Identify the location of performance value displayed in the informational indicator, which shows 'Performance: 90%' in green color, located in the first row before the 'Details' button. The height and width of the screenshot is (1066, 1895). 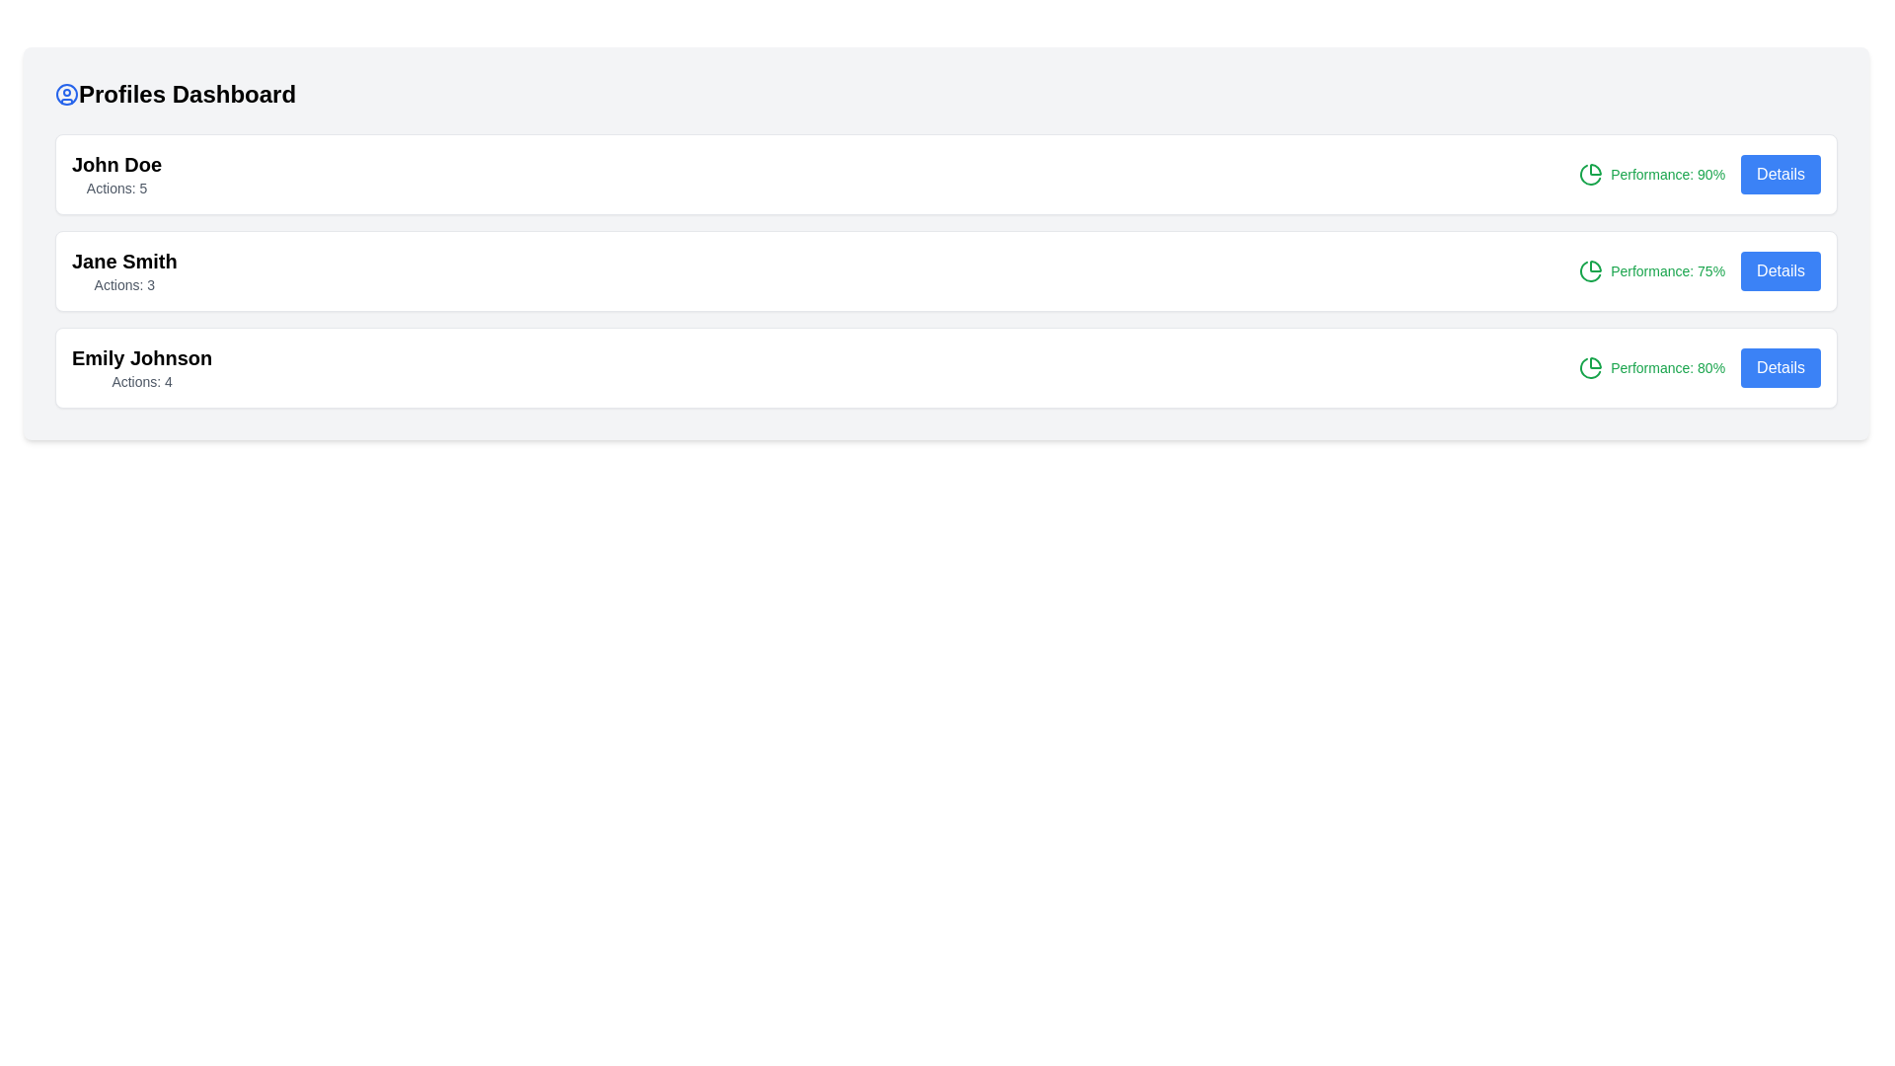
(1652, 174).